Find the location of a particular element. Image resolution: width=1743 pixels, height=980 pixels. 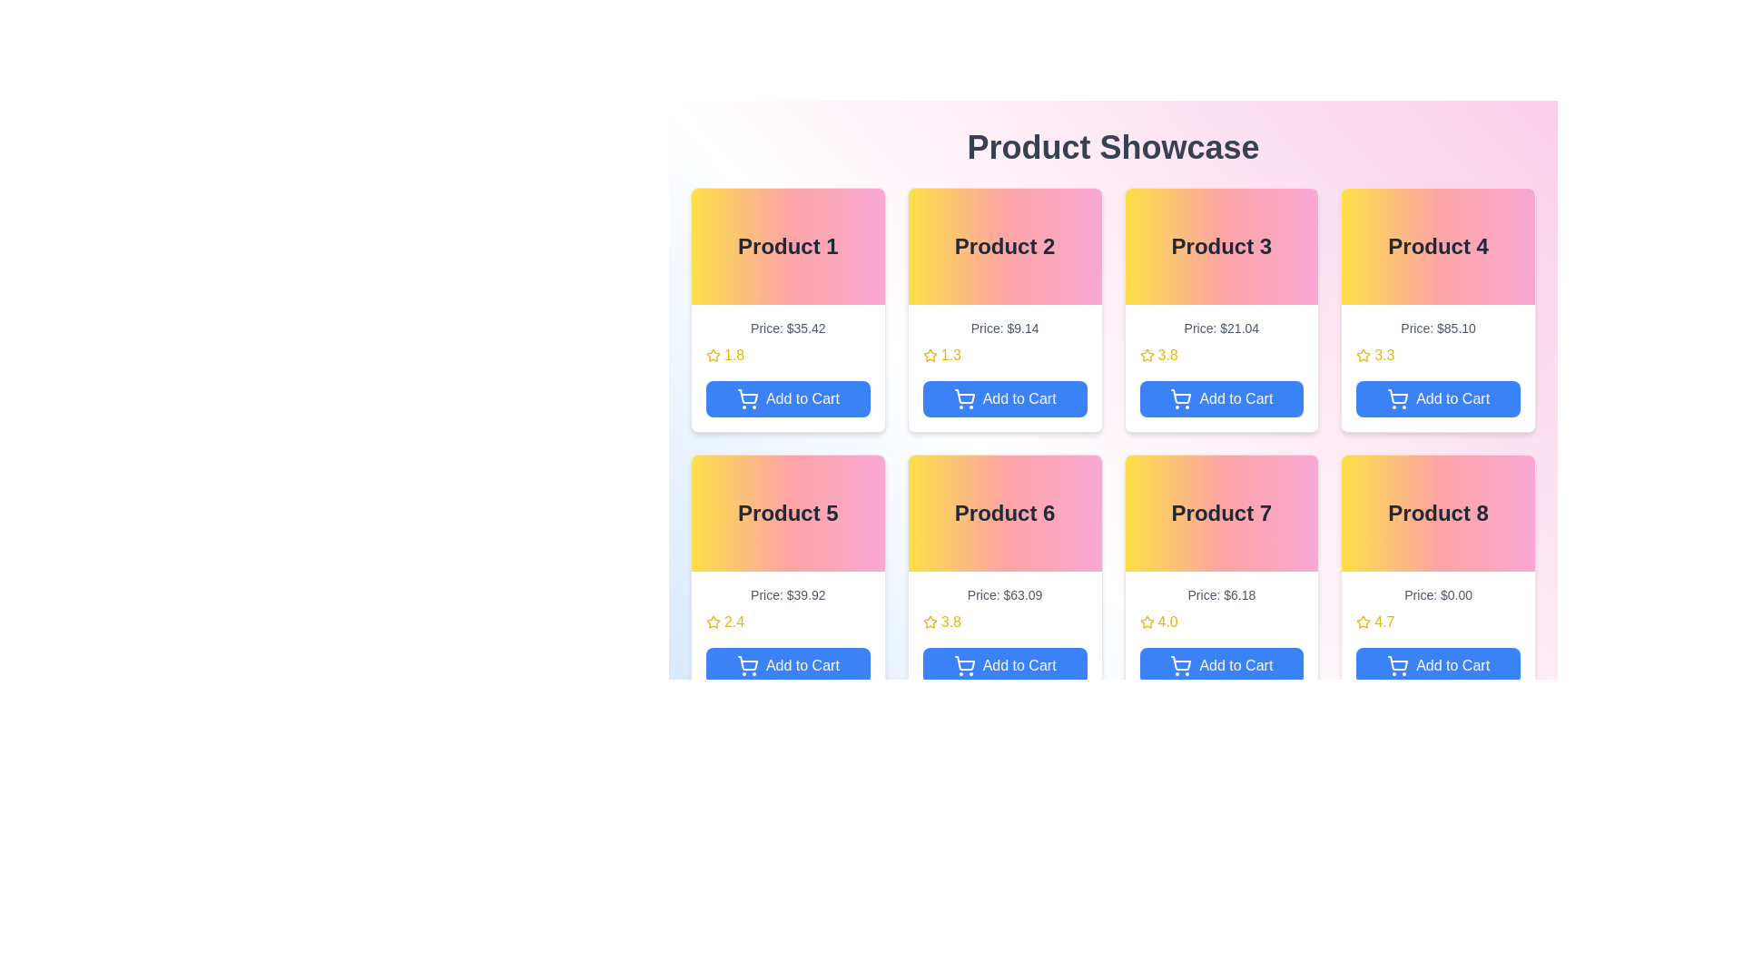

text content of the price label for 'Product 5', located in the product card on the second row, first column of a 4x2 product grid is located at coordinates (788, 594).